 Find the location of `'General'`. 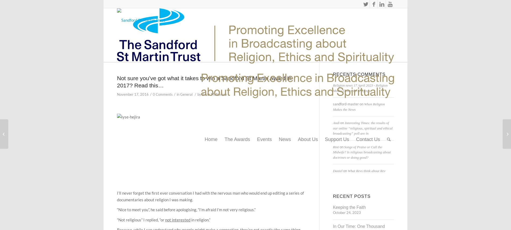

'General' is located at coordinates (186, 94).